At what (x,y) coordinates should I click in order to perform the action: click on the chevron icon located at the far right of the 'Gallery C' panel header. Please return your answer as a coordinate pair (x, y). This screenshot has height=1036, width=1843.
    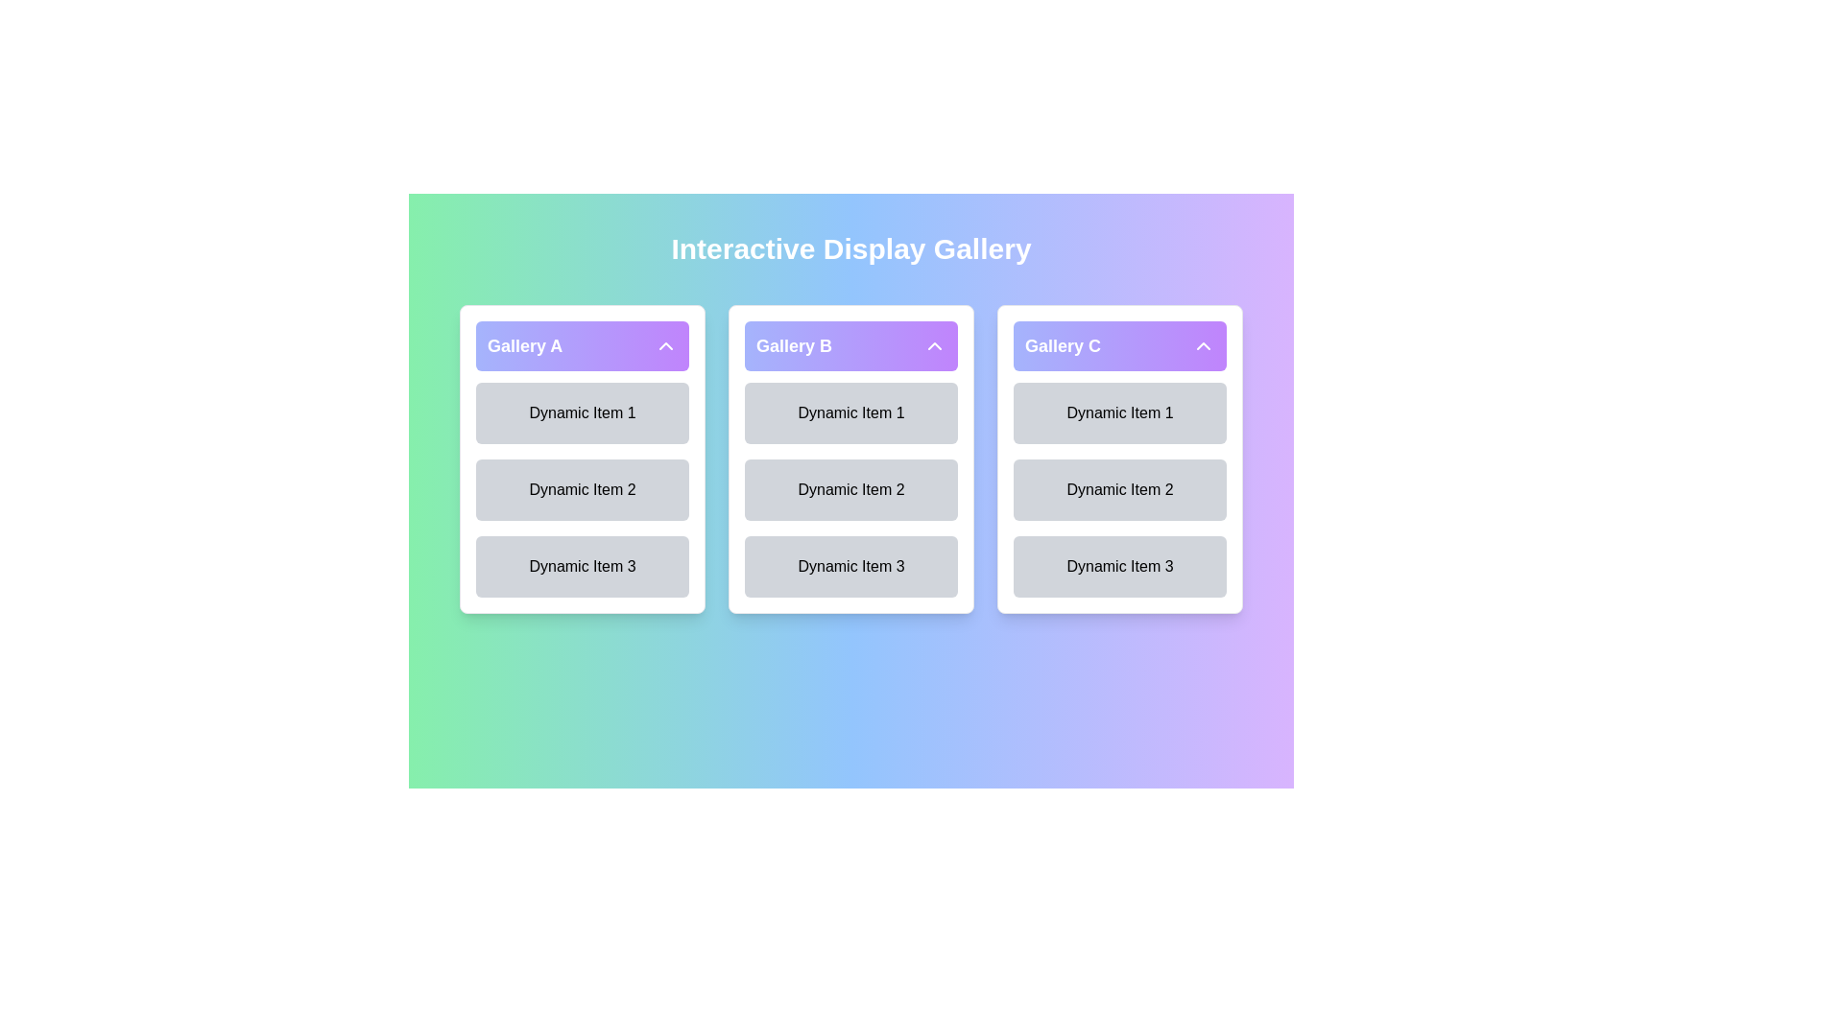
    Looking at the image, I should click on (1202, 346).